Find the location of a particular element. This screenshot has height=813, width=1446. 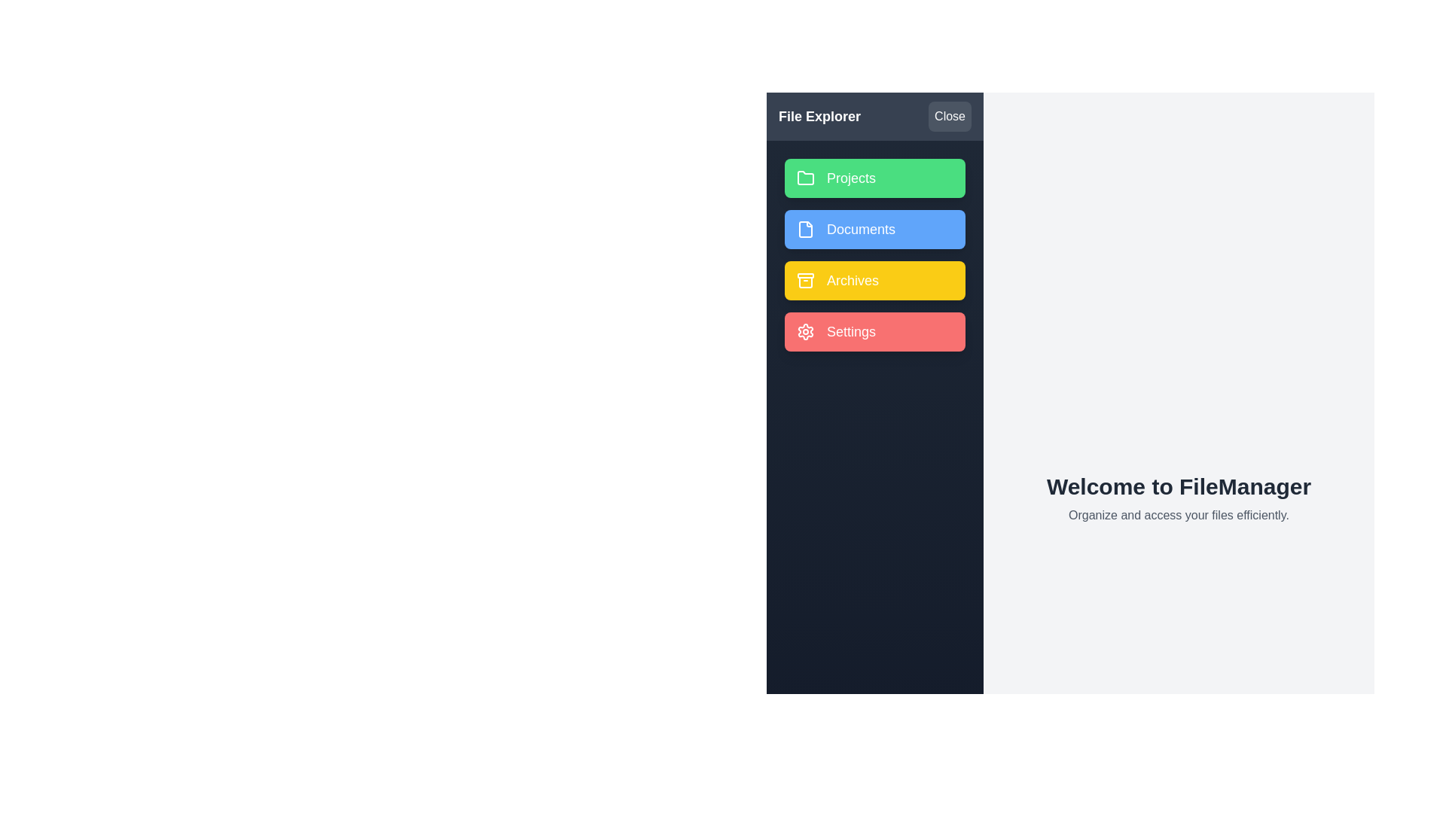

the Archives button to navigate to the respective section is located at coordinates (874, 281).